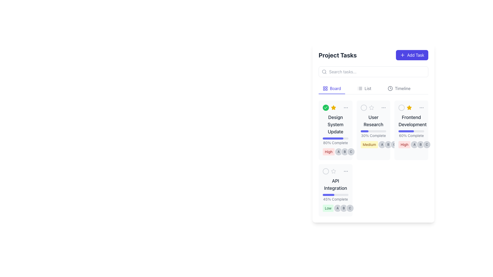 The height and width of the screenshot is (277, 493). Describe the element at coordinates (328, 195) in the screenshot. I see `the purple progress bar segment representing 45% progress for the task titled 'API Integration'` at that location.